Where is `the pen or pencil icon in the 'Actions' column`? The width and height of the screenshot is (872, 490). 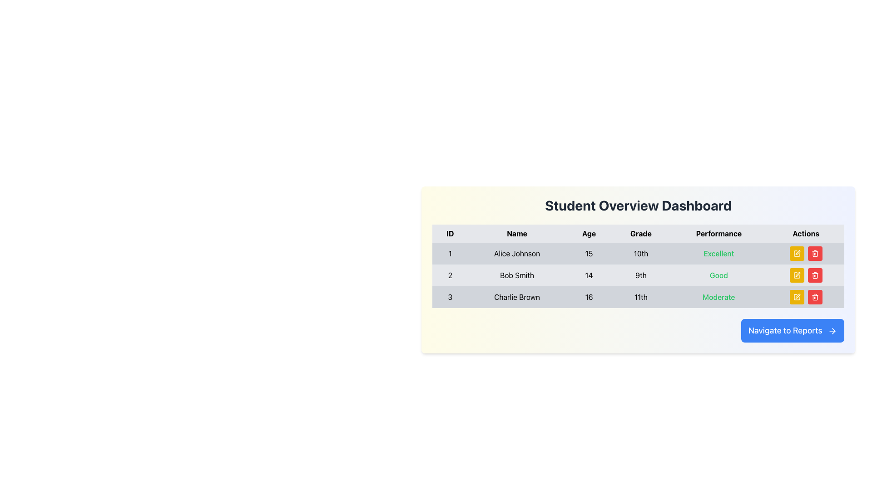 the pen or pencil icon in the 'Actions' column is located at coordinates (797, 296).